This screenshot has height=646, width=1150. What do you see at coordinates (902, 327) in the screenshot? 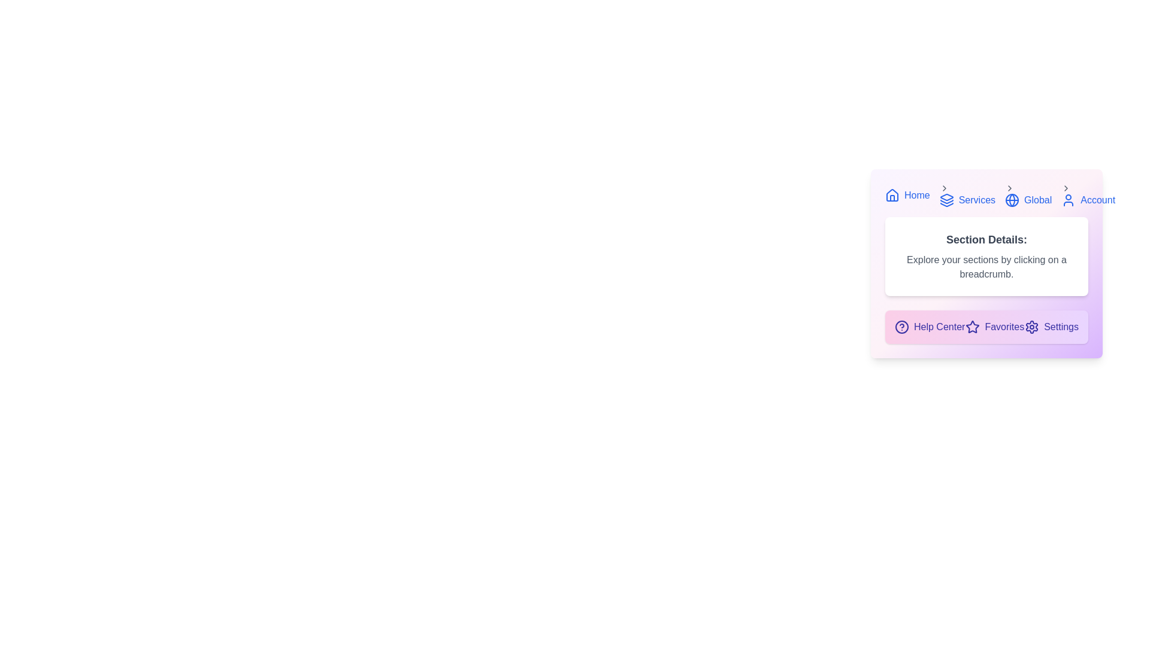
I see `the small circular outline with a centered dot, which is part of an icon located adjacent to the 'Help Center' label in the lower-right section of the interface` at bounding box center [902, 327].